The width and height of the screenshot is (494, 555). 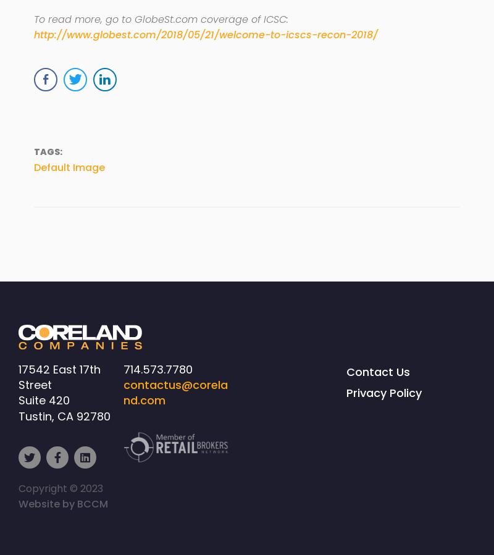 What do you see at coordinates (64, 415) in the screenshot?
I see `'Tustin, CA 92780'` at bounding box center [64, 415].